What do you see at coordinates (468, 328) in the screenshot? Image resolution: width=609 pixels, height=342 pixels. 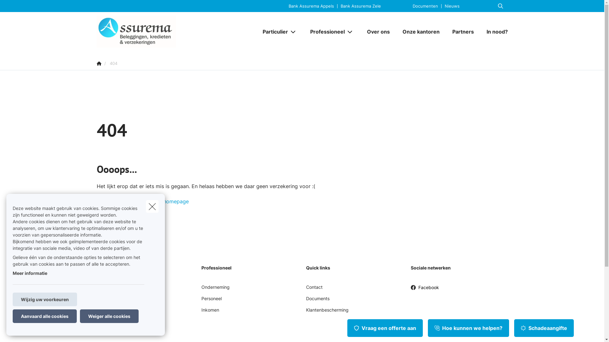 I see `'Hoe kunnen we helpen?'` at bounding box center [468, 328].